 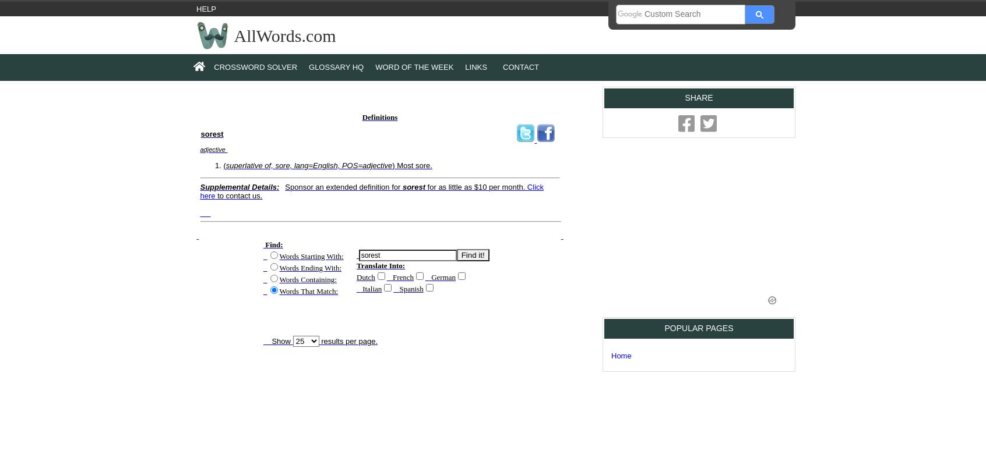 I want to click on 'Supplemental Details:', so click(x=199, y=186).